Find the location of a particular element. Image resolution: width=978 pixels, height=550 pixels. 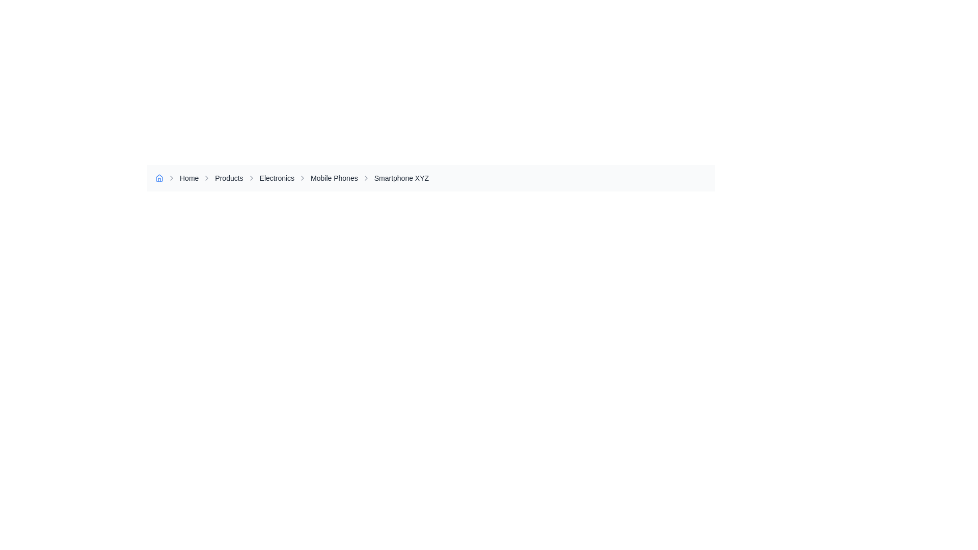

the 'Mobile Phones' link in the breadcrumb navigation bar is located at coordinates (328, 178).